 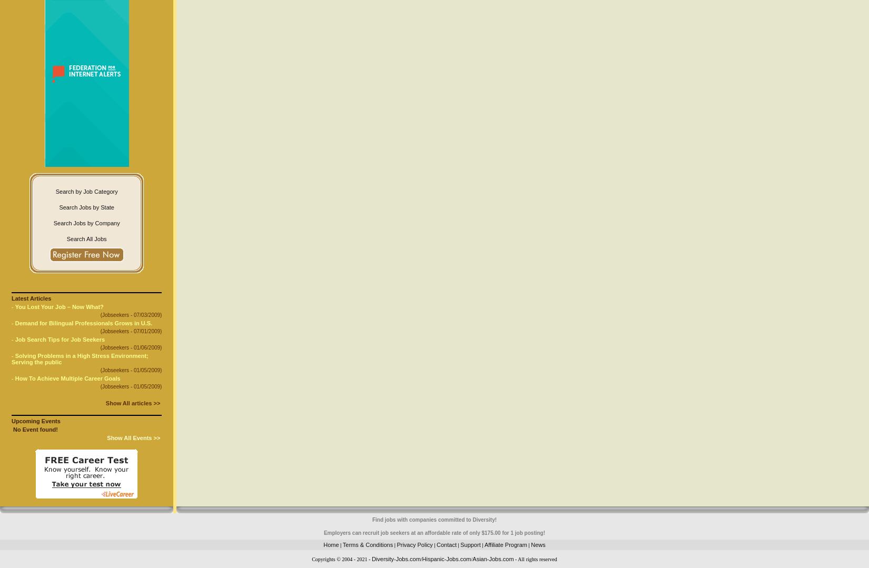 I want to click on 'Demand for Bilingual Professionals Grows in U.S.', so click(x=83, y=323).